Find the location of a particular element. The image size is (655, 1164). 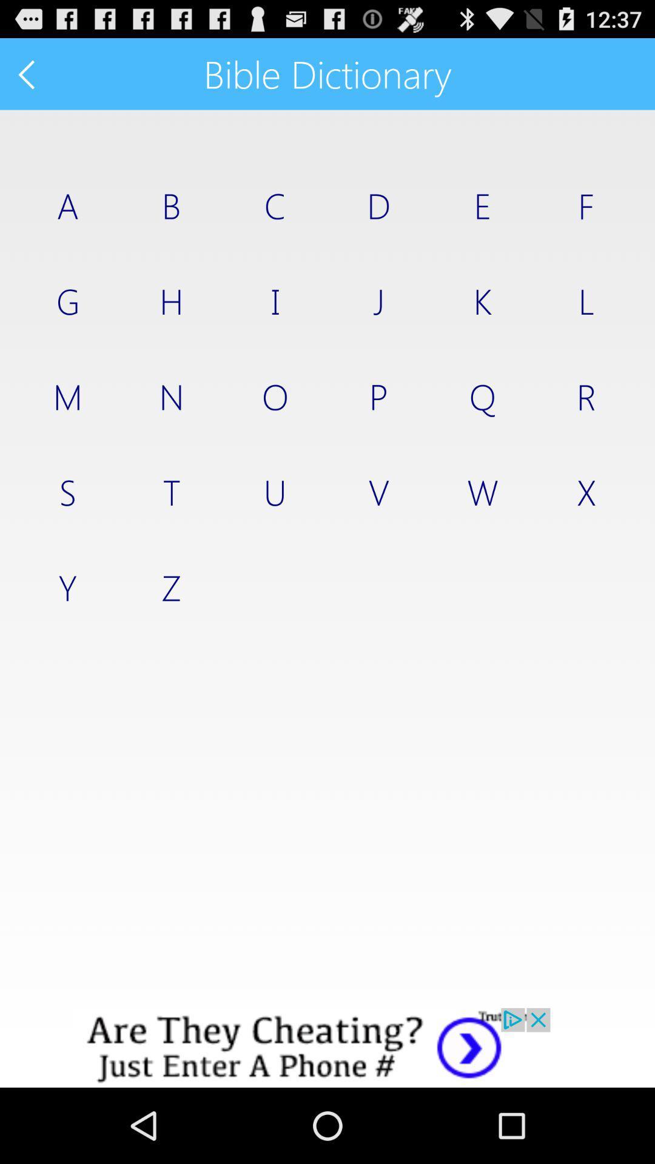

back is located at coordinates (27, 73).